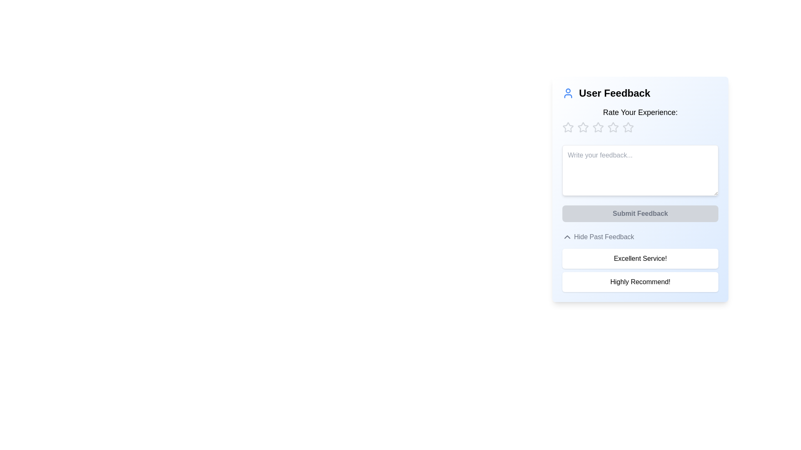  Describe the element at coordinates (640, 213) in the screenshot. I see `the submit button located below the text area labeled 'Write your feedback...'` at that location.